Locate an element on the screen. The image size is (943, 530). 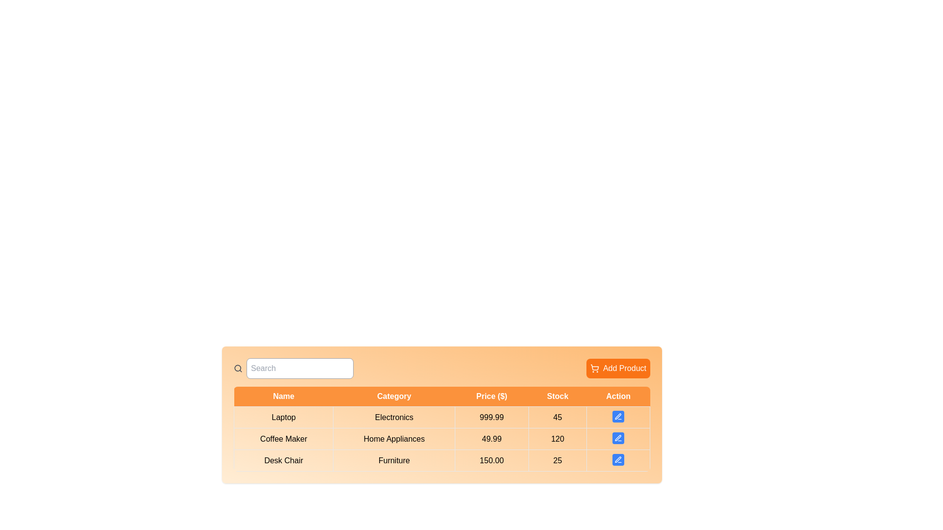
the 'Category' table header cell with an orange background to sort data by this column is located at coordinates (394, 396).